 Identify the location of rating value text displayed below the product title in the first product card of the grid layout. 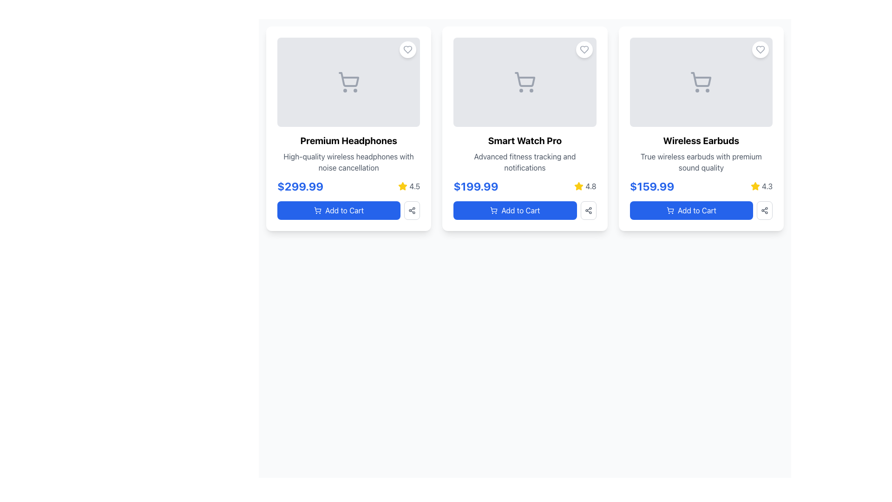
(414, 186).